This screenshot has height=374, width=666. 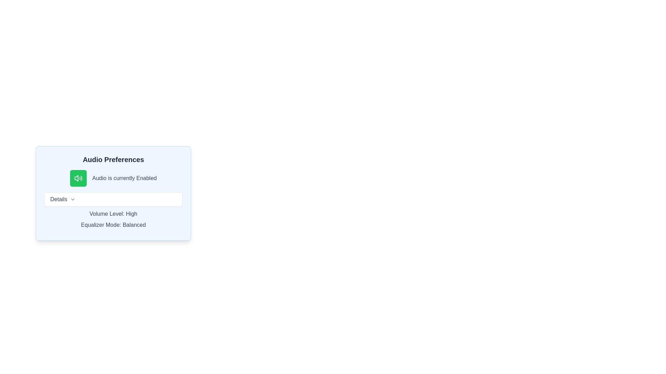 What do you see at coordinates (113, 212) in the screenshot?
I see `the Text content block that provides detailed information about the audio settings, located in the 'Audio Preferences' section just below the 'Details' button` at bounding box center [113, 212].